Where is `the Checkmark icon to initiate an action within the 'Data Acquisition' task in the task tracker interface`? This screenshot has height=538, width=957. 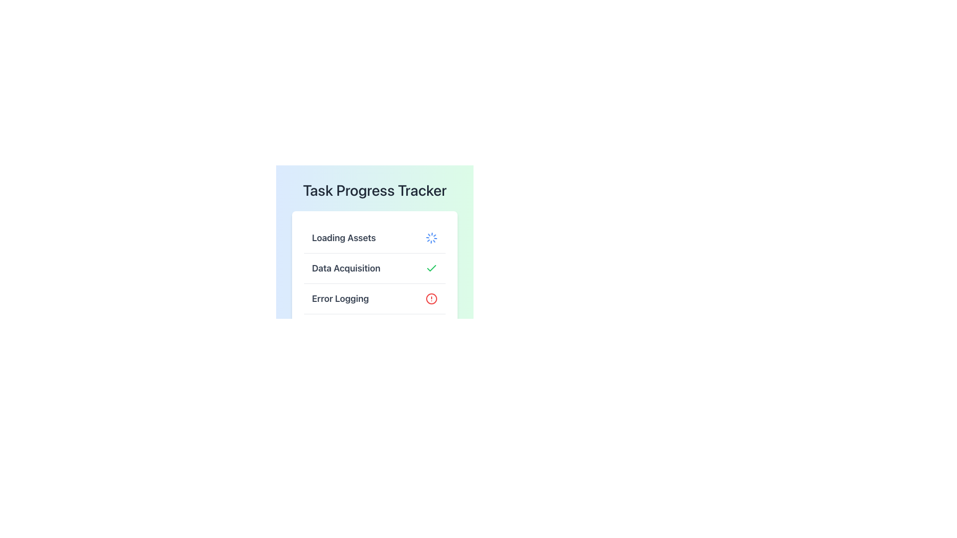
the Checkmark icon to initiate an action within the 'Data Acquisition' task in the task tracker interface is located at coordinates (431, 268).